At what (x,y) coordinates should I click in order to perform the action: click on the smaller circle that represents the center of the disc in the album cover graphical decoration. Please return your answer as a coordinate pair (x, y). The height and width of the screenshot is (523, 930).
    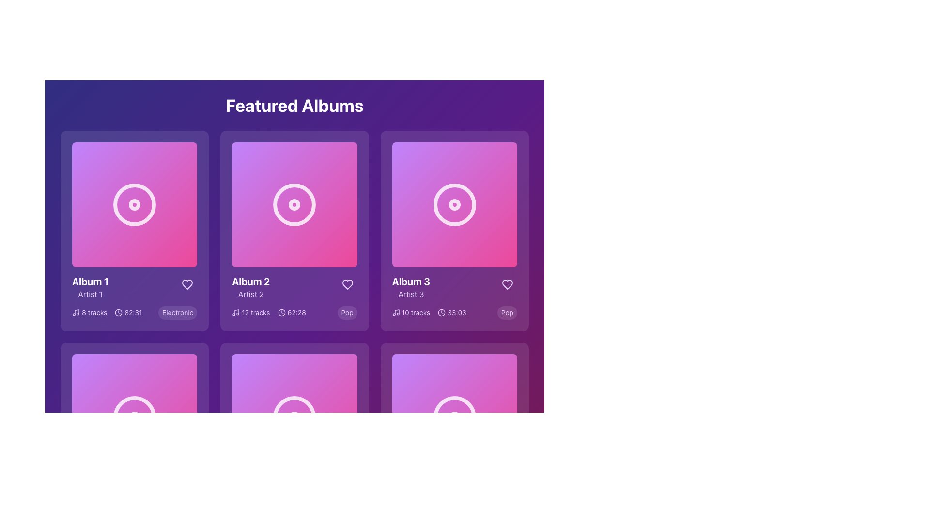
    Looking at the image, I should click on (454, 416).